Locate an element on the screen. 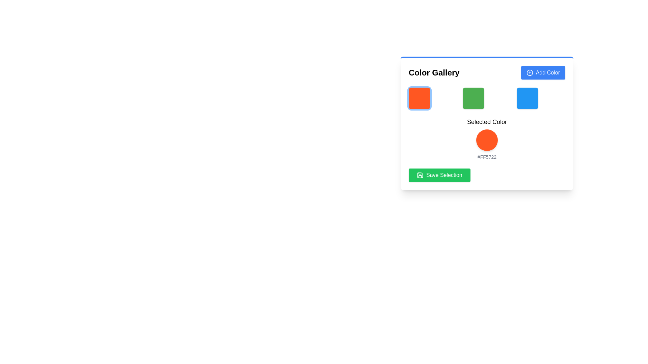 The image size is (648, 364). the Circle icon that represents the addition of new items, located at the center of the 'Add Color' button in the top-right corner of the card interface is located at coordinates (529, 73).